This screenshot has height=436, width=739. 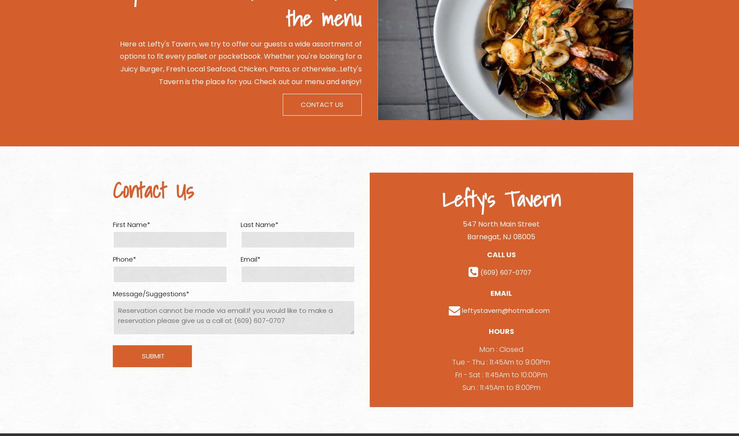 What do you see at coordinates (505, 310) in the screenshot?
I see `'leftystavern@hotmail.com'` at bounding box center [505, 310].